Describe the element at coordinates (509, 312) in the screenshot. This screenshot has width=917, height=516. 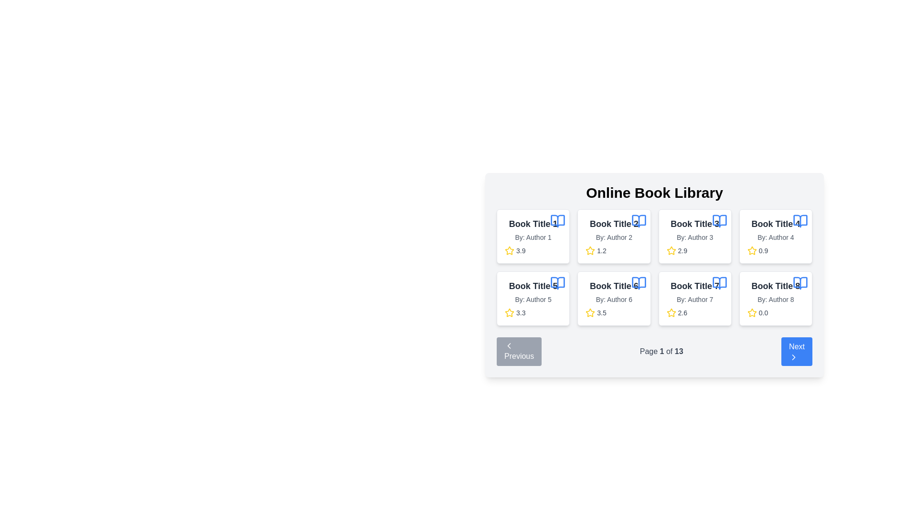
I see `the star icon representing the rating of 'Book Title 5' located to the left of the rating text '3.3'` at that location.